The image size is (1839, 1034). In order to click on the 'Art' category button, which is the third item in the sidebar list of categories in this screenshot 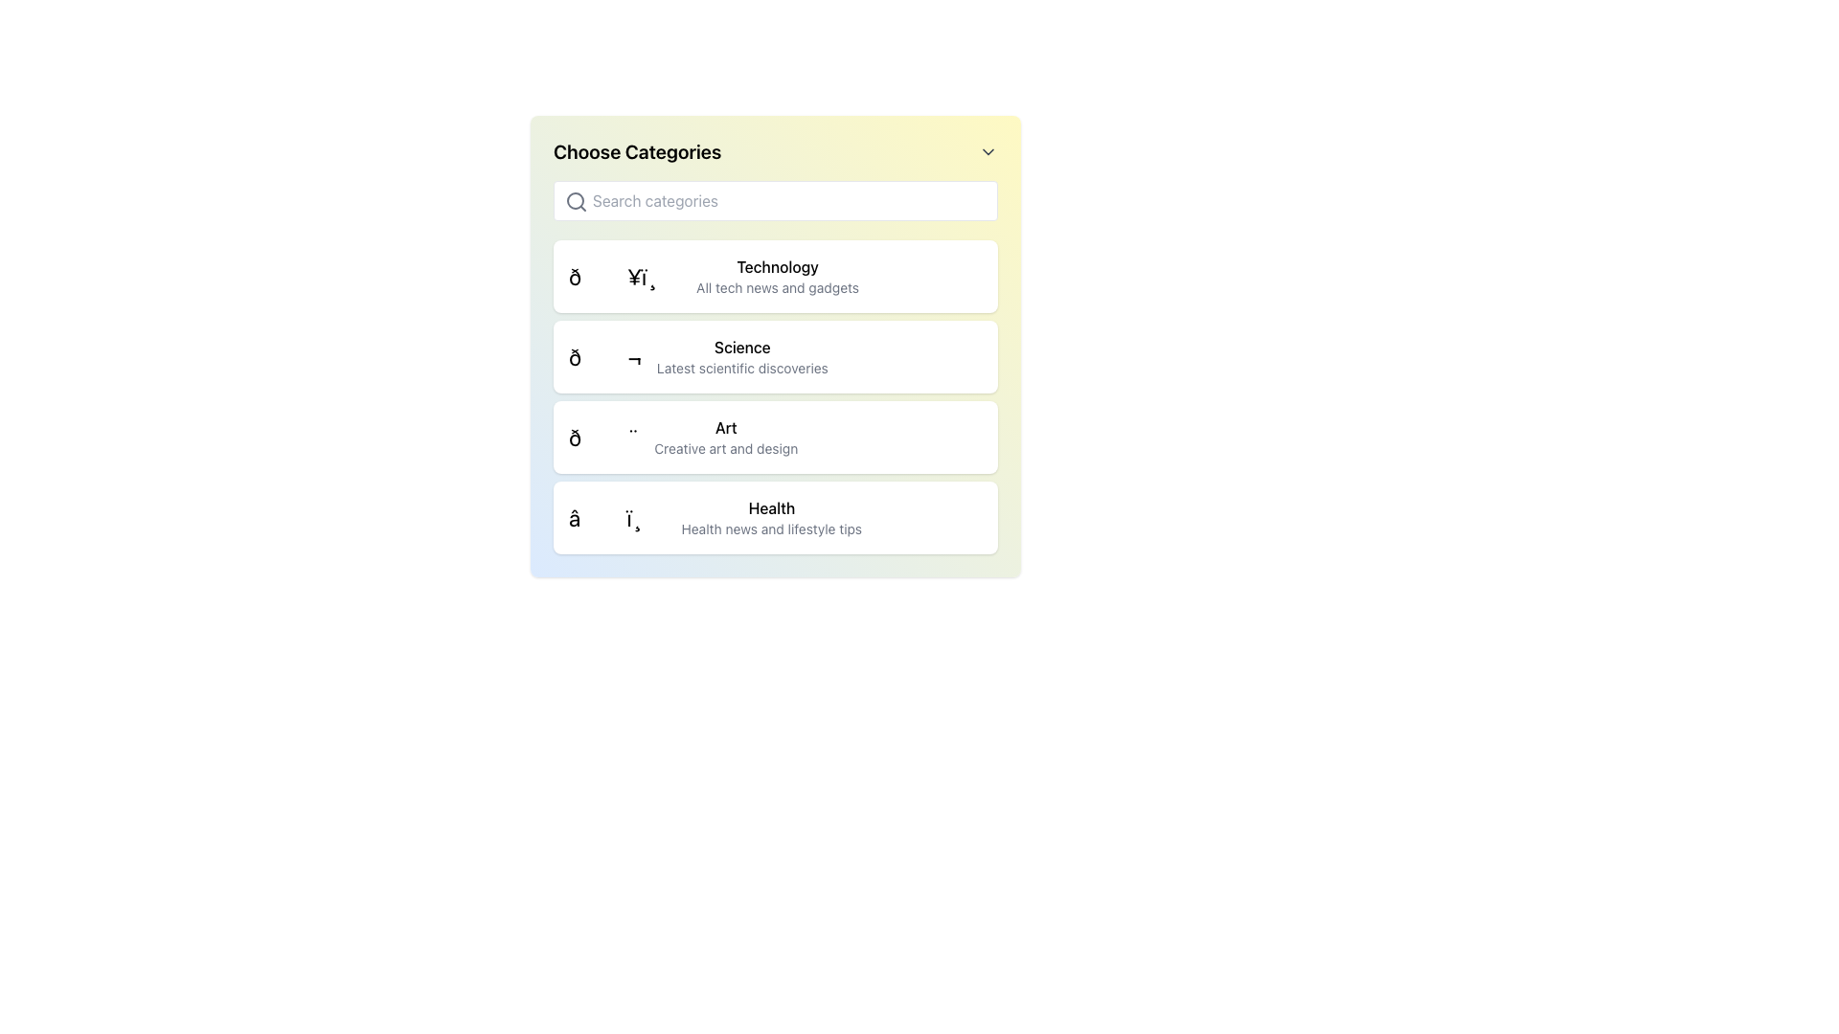, I will do `click(725, 437)`.